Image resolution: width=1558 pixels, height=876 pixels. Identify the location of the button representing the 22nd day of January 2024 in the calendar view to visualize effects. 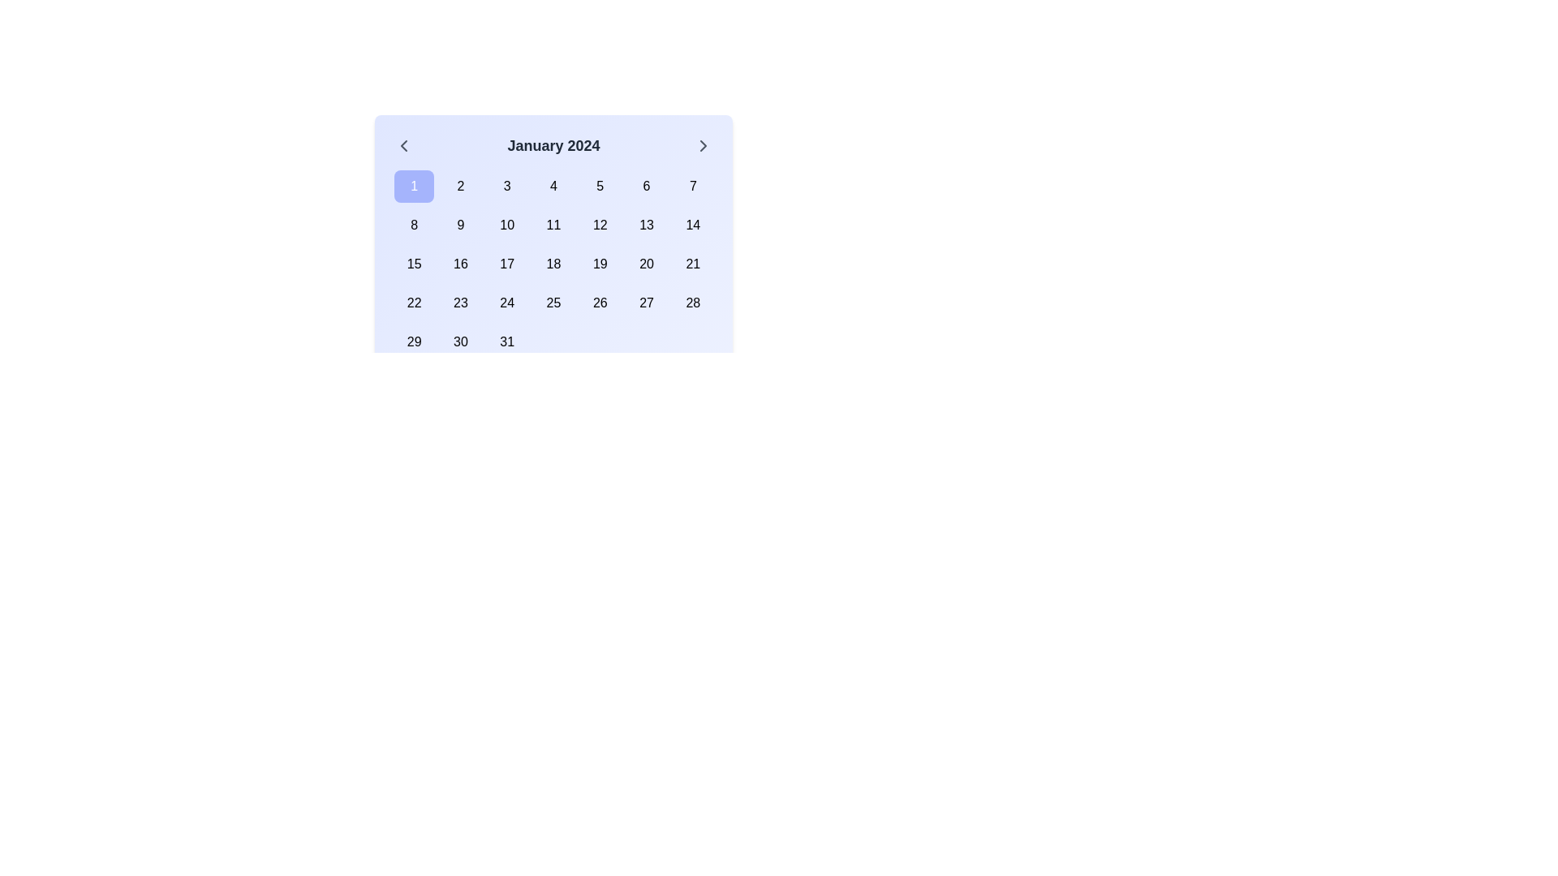
(414, 303).